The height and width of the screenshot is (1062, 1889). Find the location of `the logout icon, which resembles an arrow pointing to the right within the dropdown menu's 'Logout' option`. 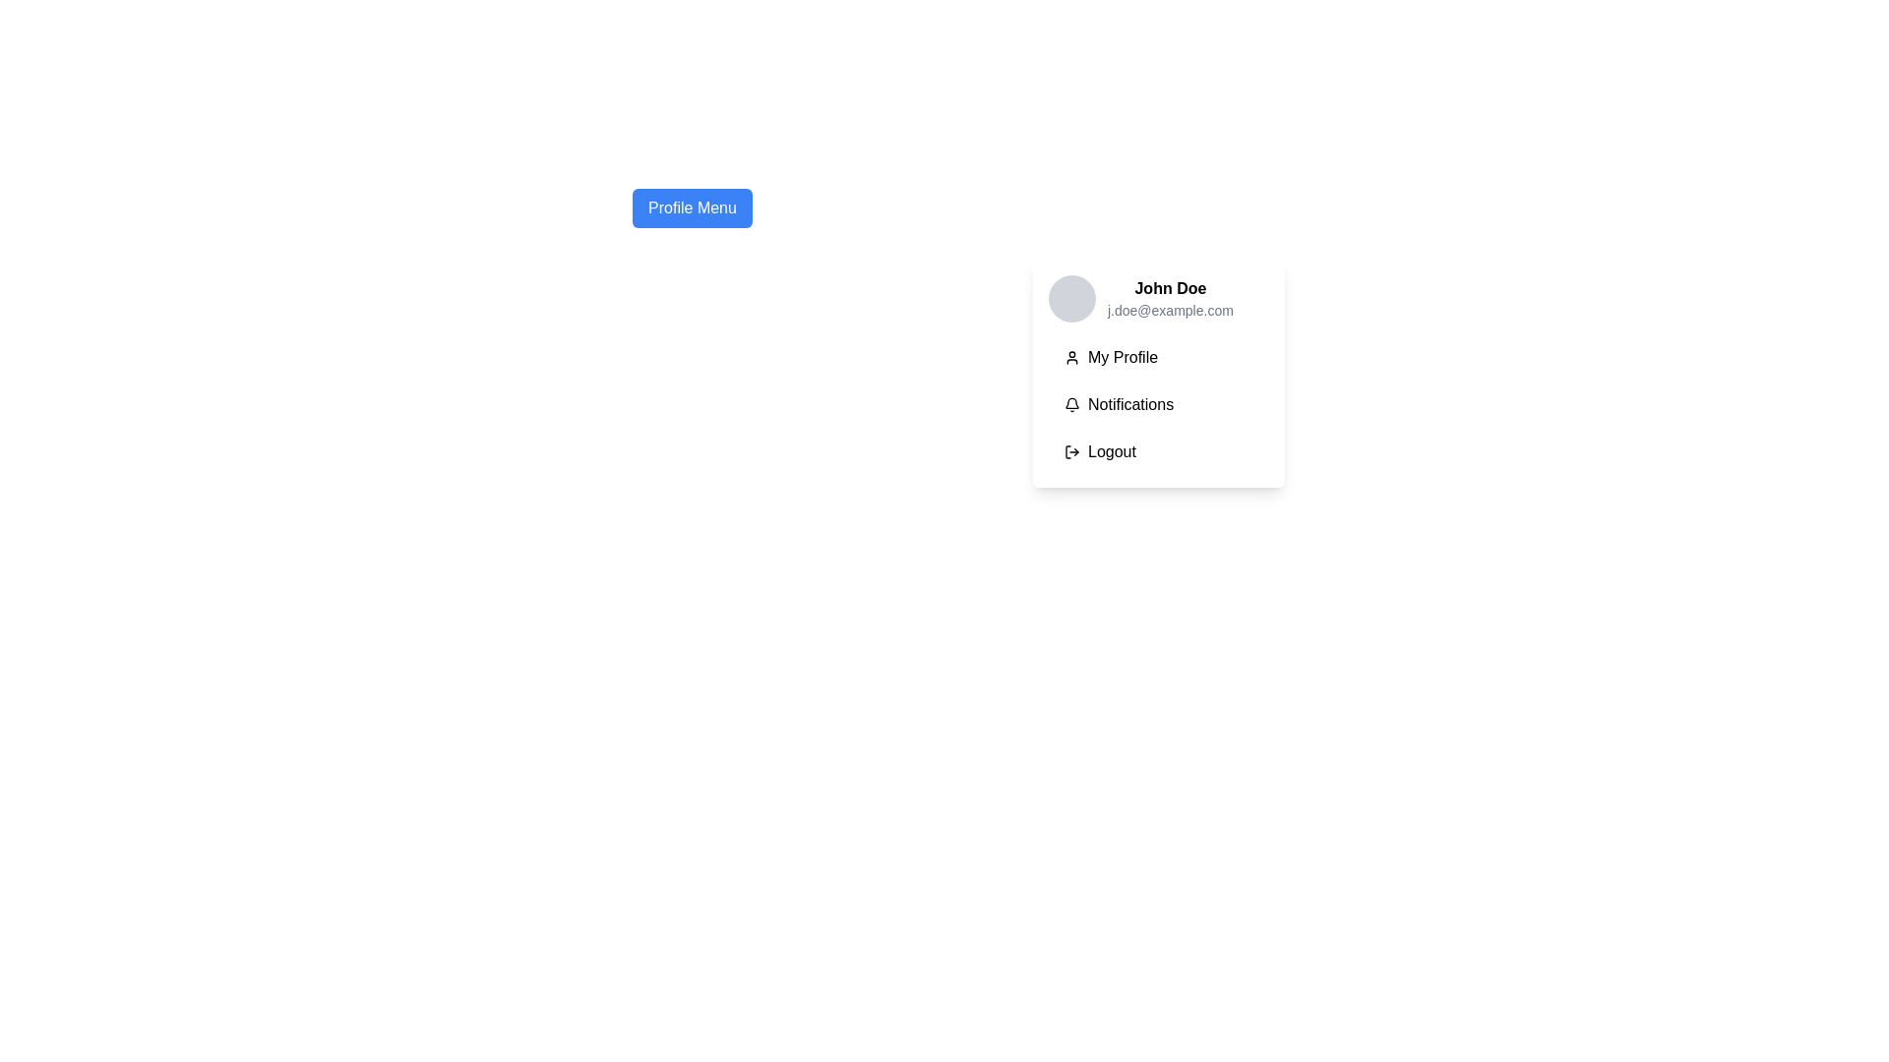

the logout icon, which resembles an arrow pointing to the right within the dropdown menu's 'Logout' option is located at coordinates (1070, 451).